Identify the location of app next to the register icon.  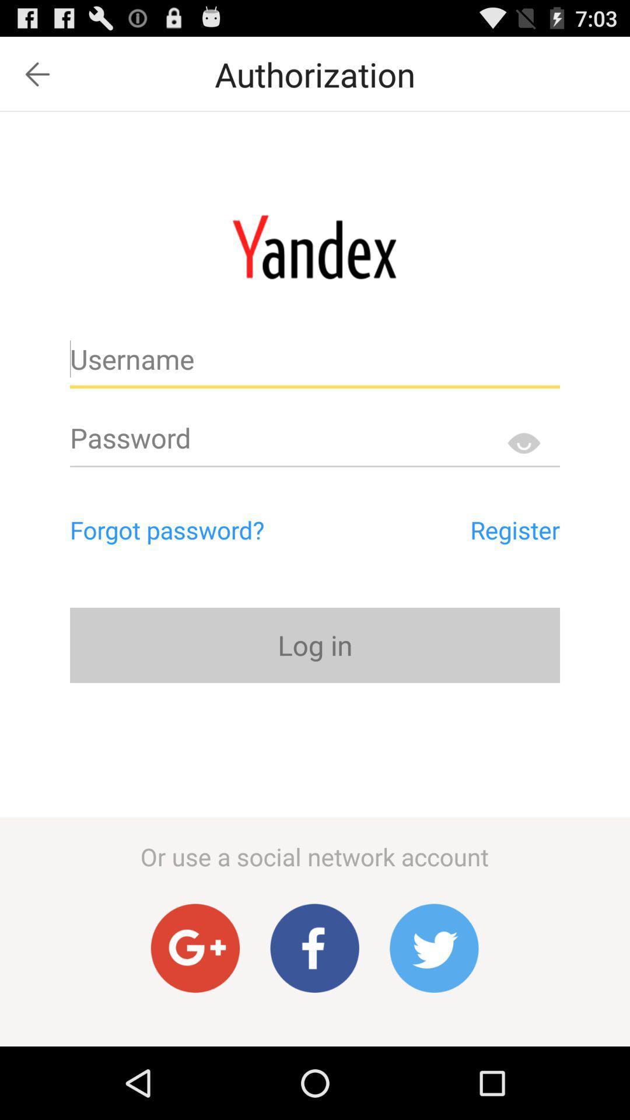
(216, 529).